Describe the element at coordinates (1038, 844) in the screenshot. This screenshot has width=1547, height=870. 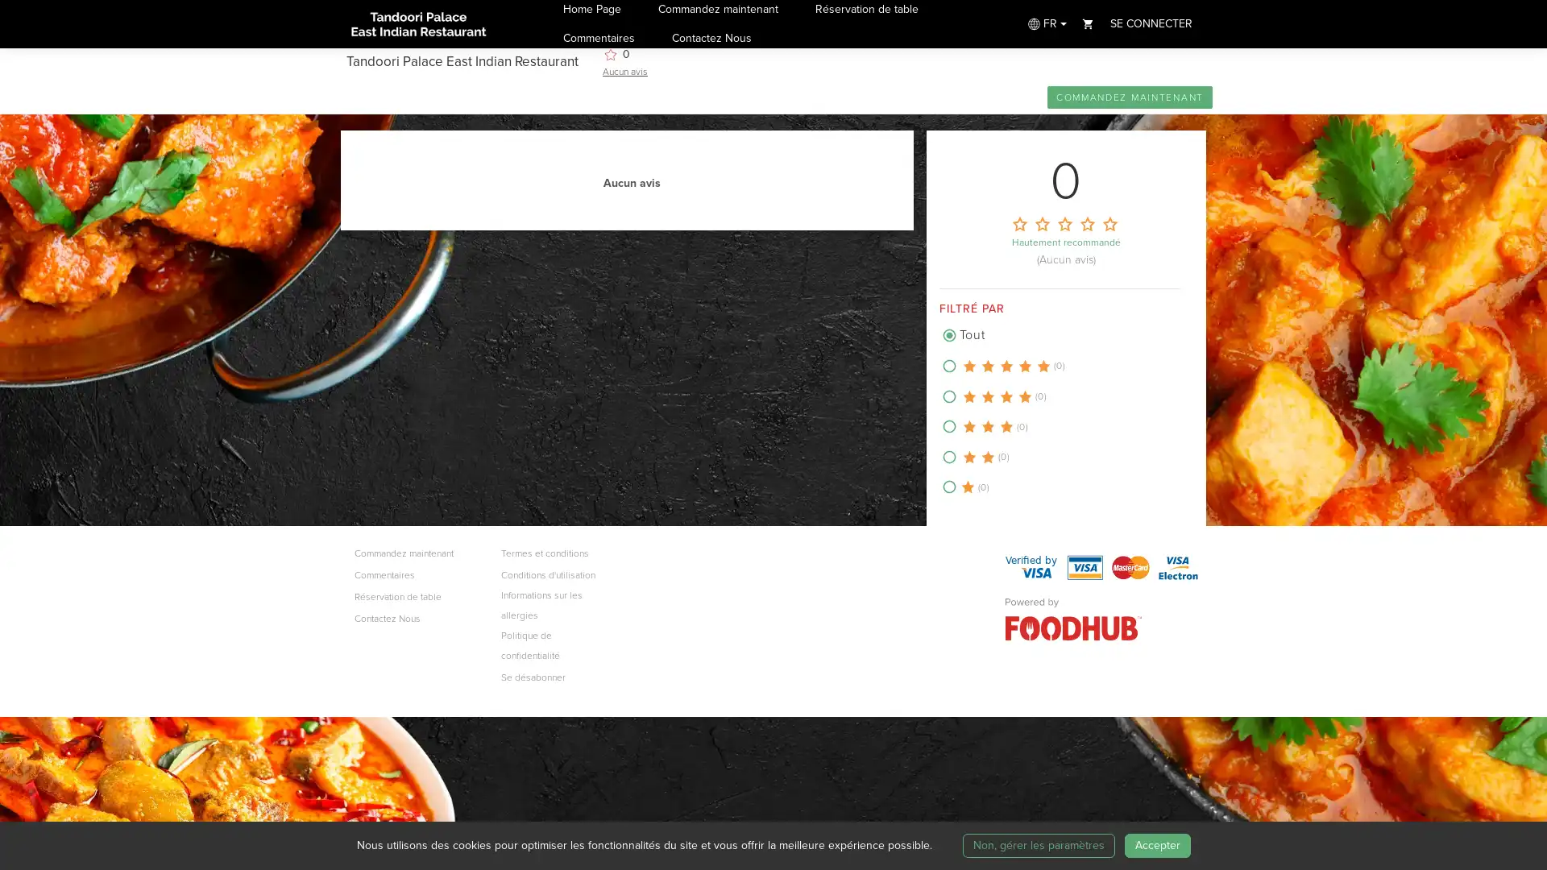
I see `Non, gerer les parametres` at that location.